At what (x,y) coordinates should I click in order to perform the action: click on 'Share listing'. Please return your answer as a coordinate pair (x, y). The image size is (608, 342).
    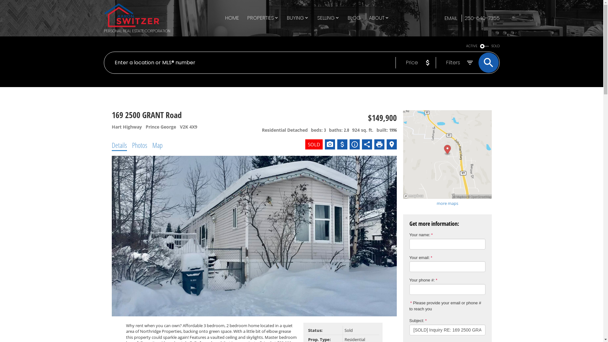
    Looking at the image, I should click on (366, 144).